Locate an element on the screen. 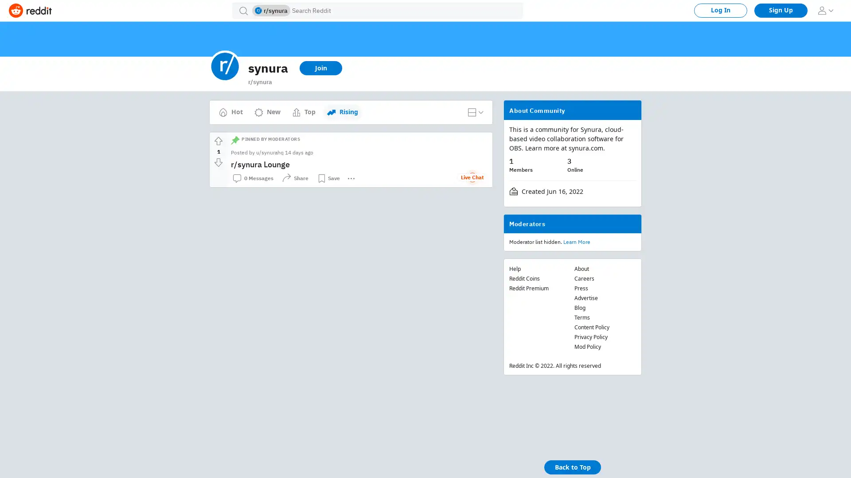 The width and height of the screenshot is (851, 478). Sign Up is located at coordinates (781, 10).